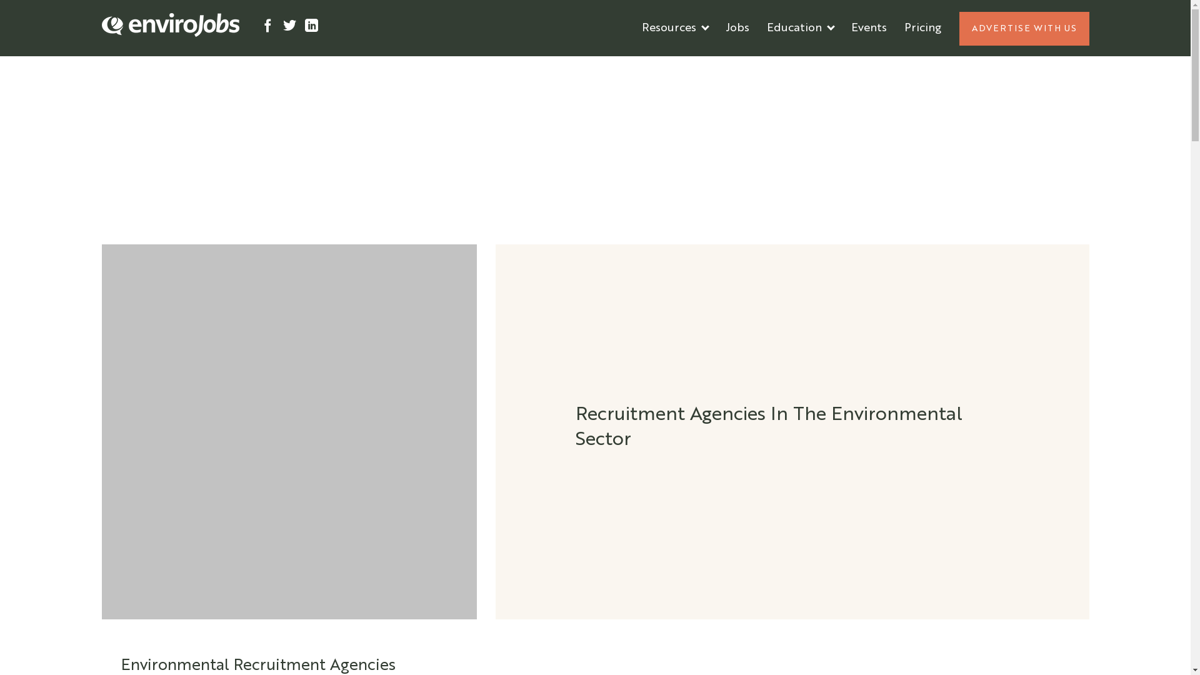 The image size is (1200, 675). What do you see at coordinates (674, 28) in the screenshot?
I see `'Resources'` at bounding box center [674, 28].